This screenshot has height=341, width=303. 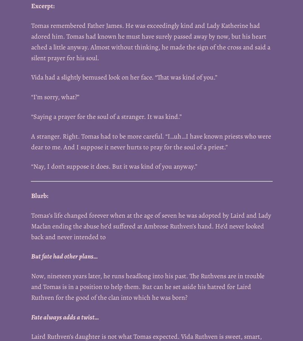 What do you see at coordinates (31, 141) in the screenshot?
I see `'A stranger. Right. Tomas had to be more careful. “I…uh…I have known priests who were dear to me. And I suppose it never hurts to pray for the soul of a priest.”'` at bounding box center [31, 141].